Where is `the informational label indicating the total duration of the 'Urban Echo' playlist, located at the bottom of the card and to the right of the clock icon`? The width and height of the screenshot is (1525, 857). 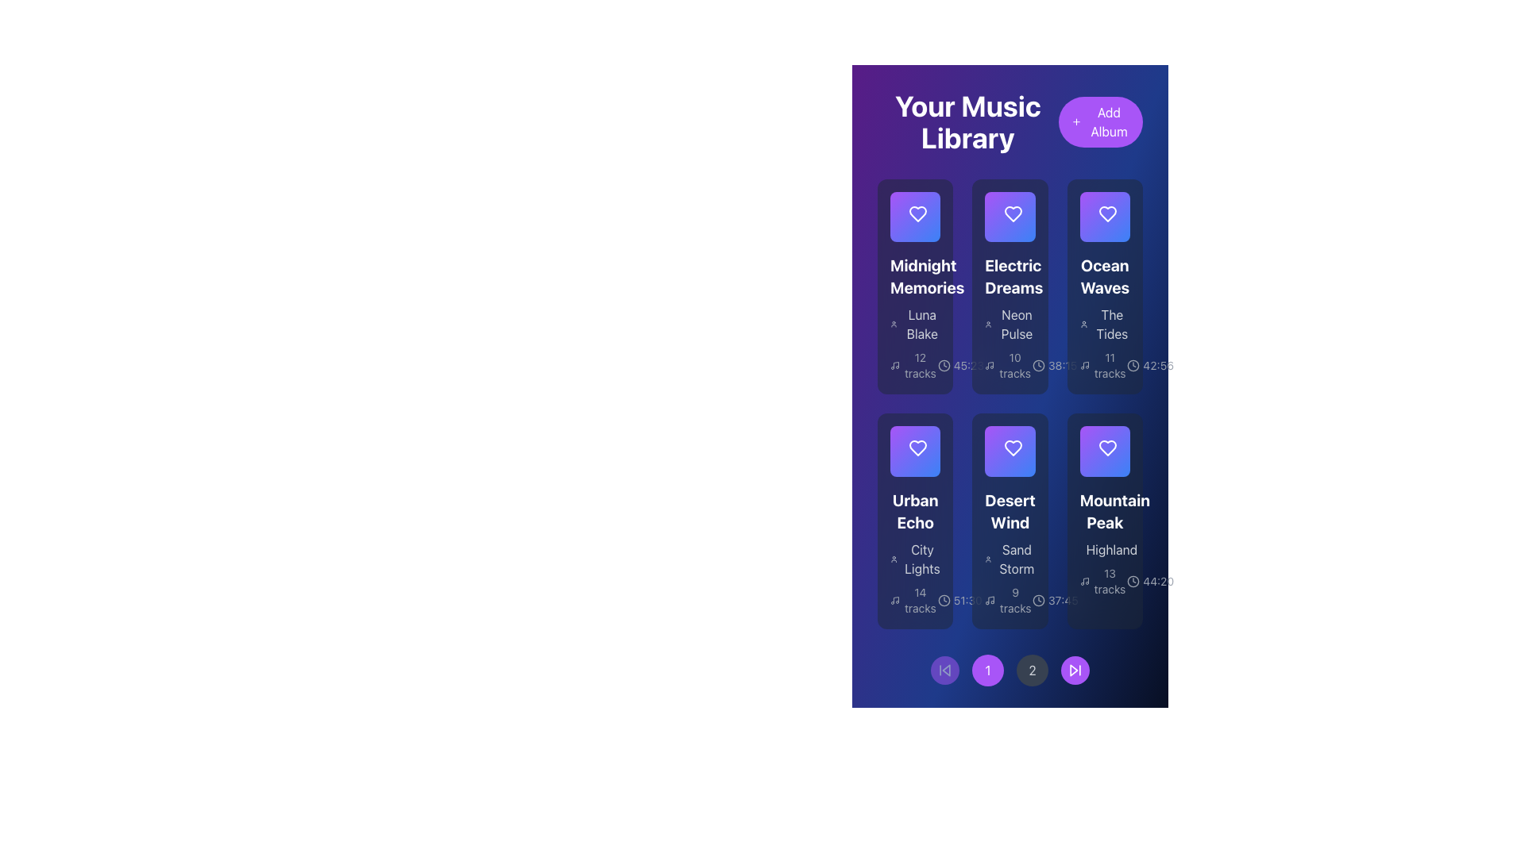
the informational label indicating the total duration of the 'Urban Echo' playlist, located at the bottom of the card and to the right of the clock icon is located at coordinates (959, 600).